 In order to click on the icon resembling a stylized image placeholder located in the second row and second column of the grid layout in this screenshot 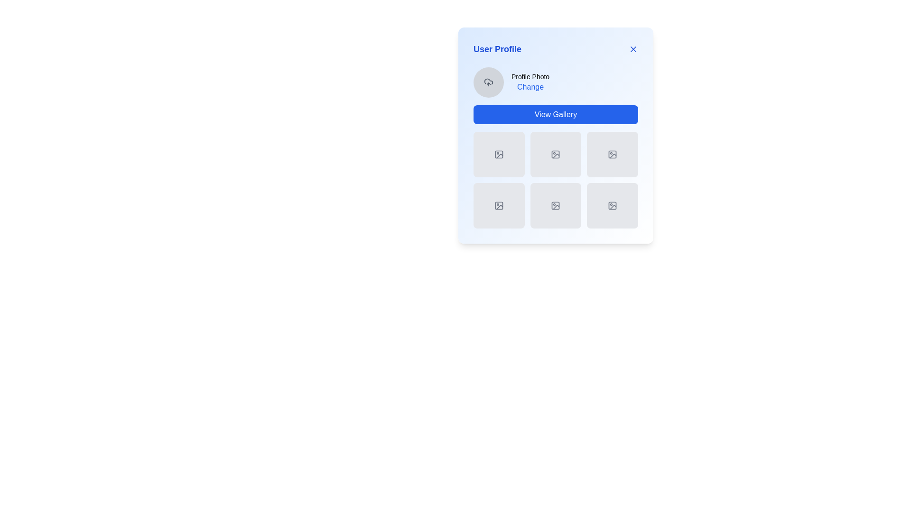, I will do `click(498, 205)`.